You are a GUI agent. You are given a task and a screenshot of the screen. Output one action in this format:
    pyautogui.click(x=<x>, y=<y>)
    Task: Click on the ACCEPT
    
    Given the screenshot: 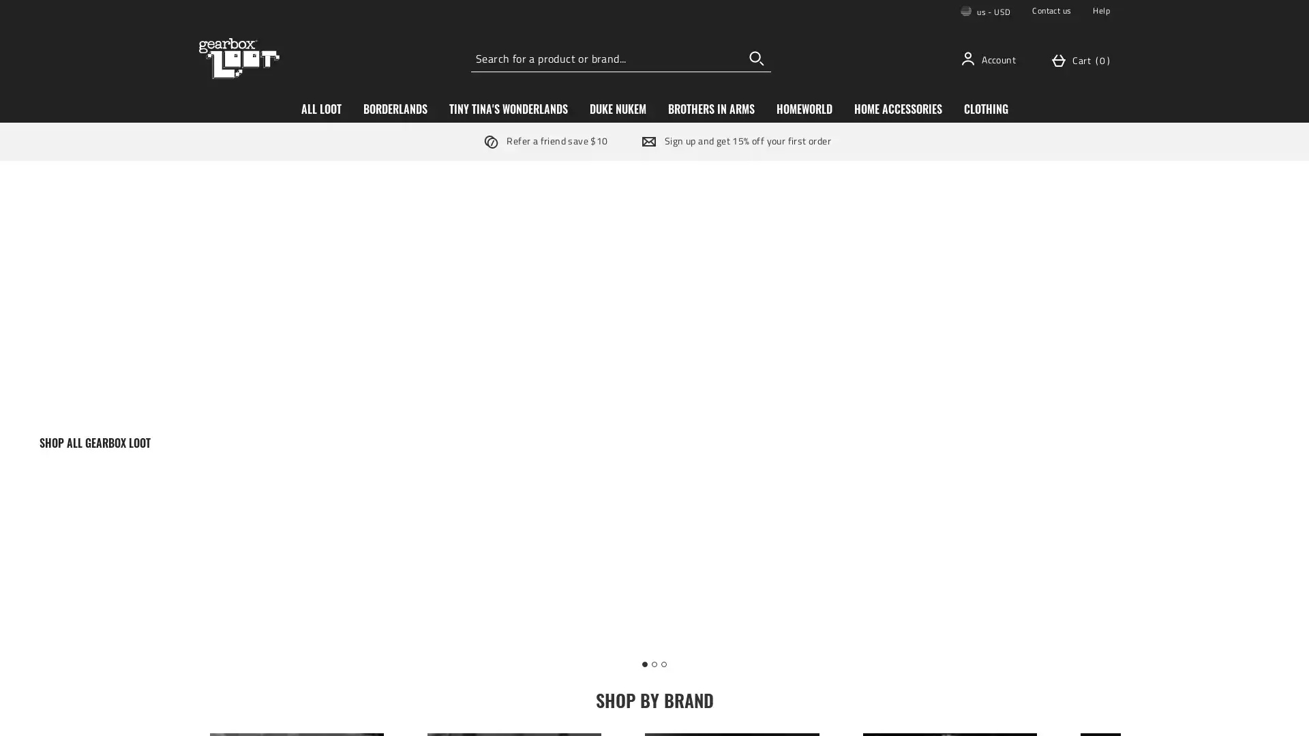 What is the action you would take?
    pyautogui.click(x=1034, y=713)
    